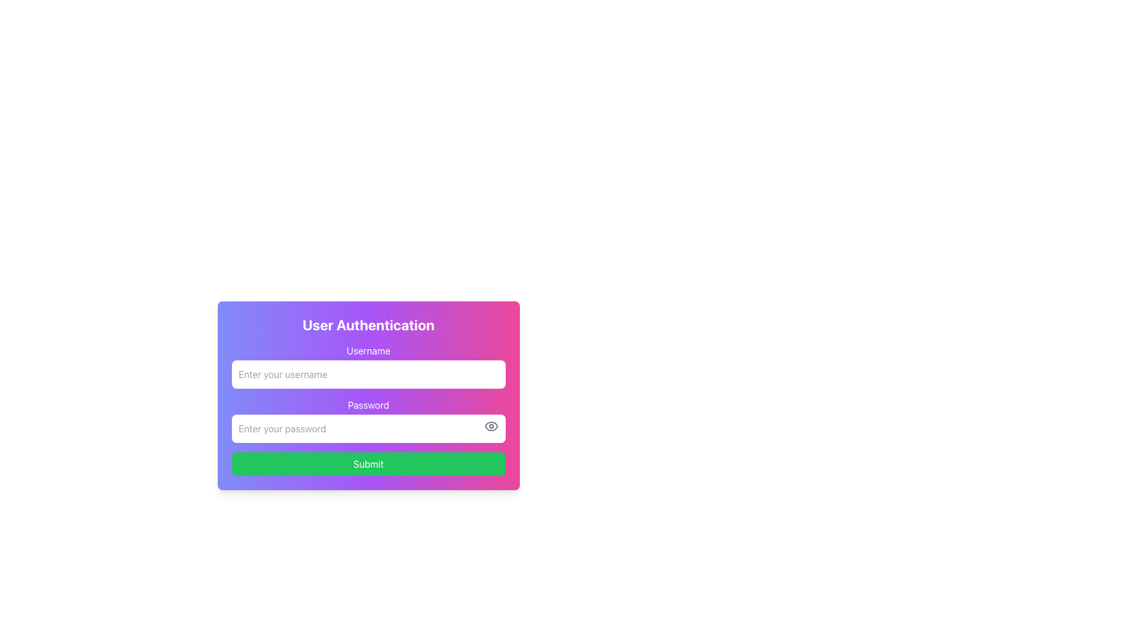  What do you see at coordinates (368, 366) in the screenshot?
I see `the text input field labeled 'Username' to focus and allow user input` at bounding box center [368, 366].